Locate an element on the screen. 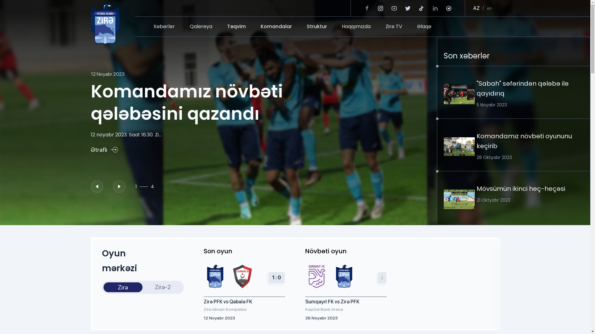 The image size is (595, 334). 'Qalereya' is located at coordinates (201, 26).